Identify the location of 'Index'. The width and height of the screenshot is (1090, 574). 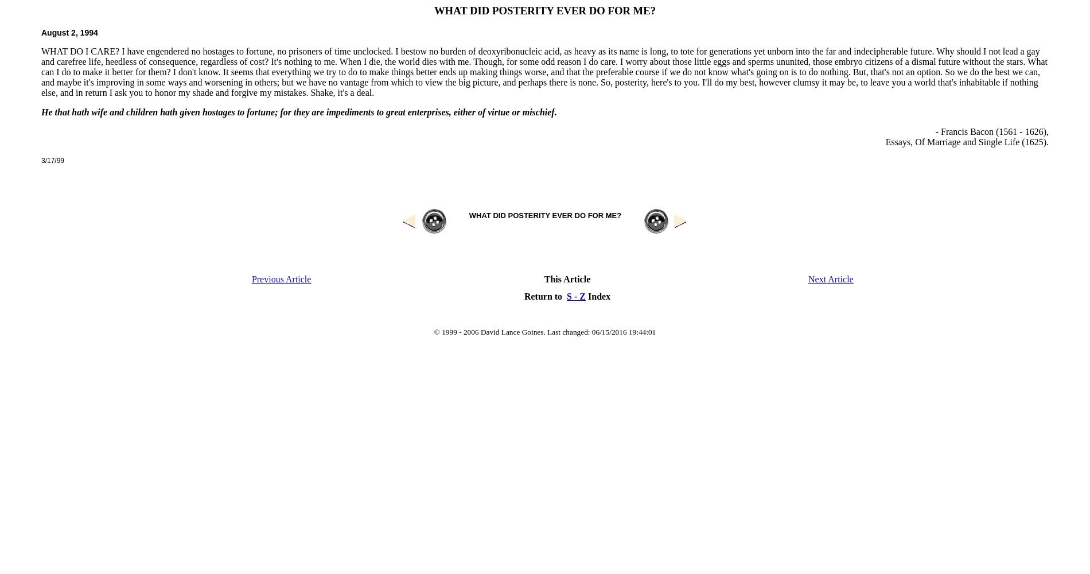
(598, 296).